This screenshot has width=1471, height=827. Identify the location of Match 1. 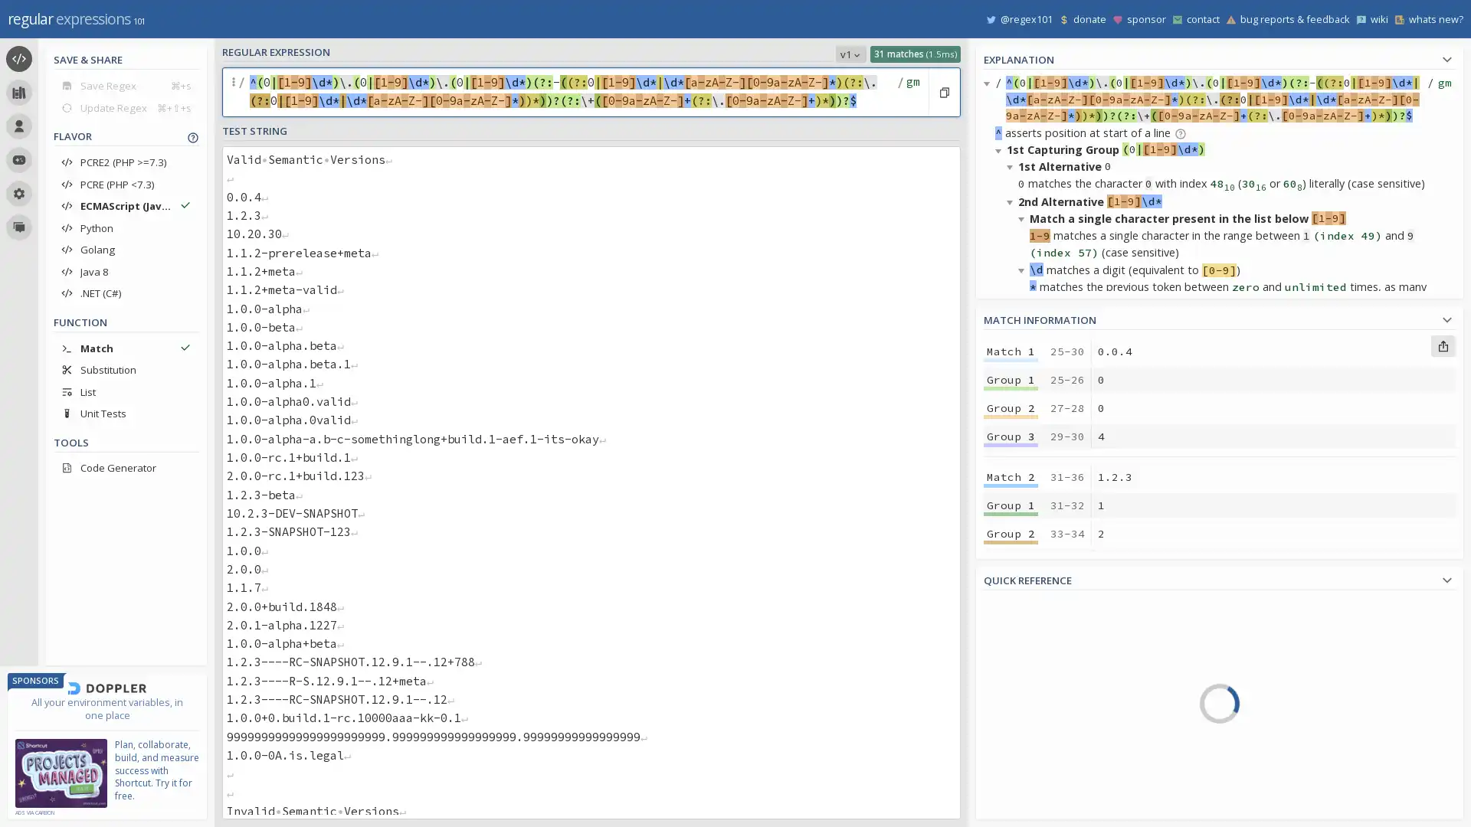
(1011, 351).